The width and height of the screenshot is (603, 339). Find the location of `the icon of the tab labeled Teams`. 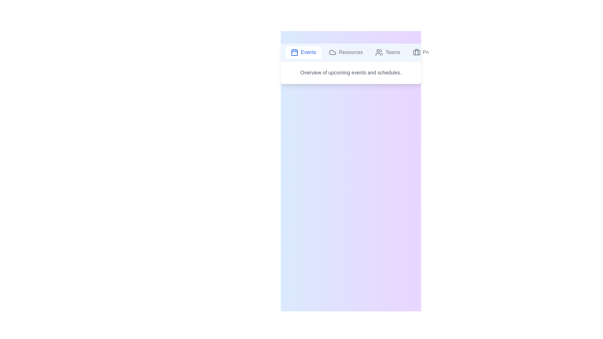

the icon of the tab labeled Teams is located at coordinates (378, 52).